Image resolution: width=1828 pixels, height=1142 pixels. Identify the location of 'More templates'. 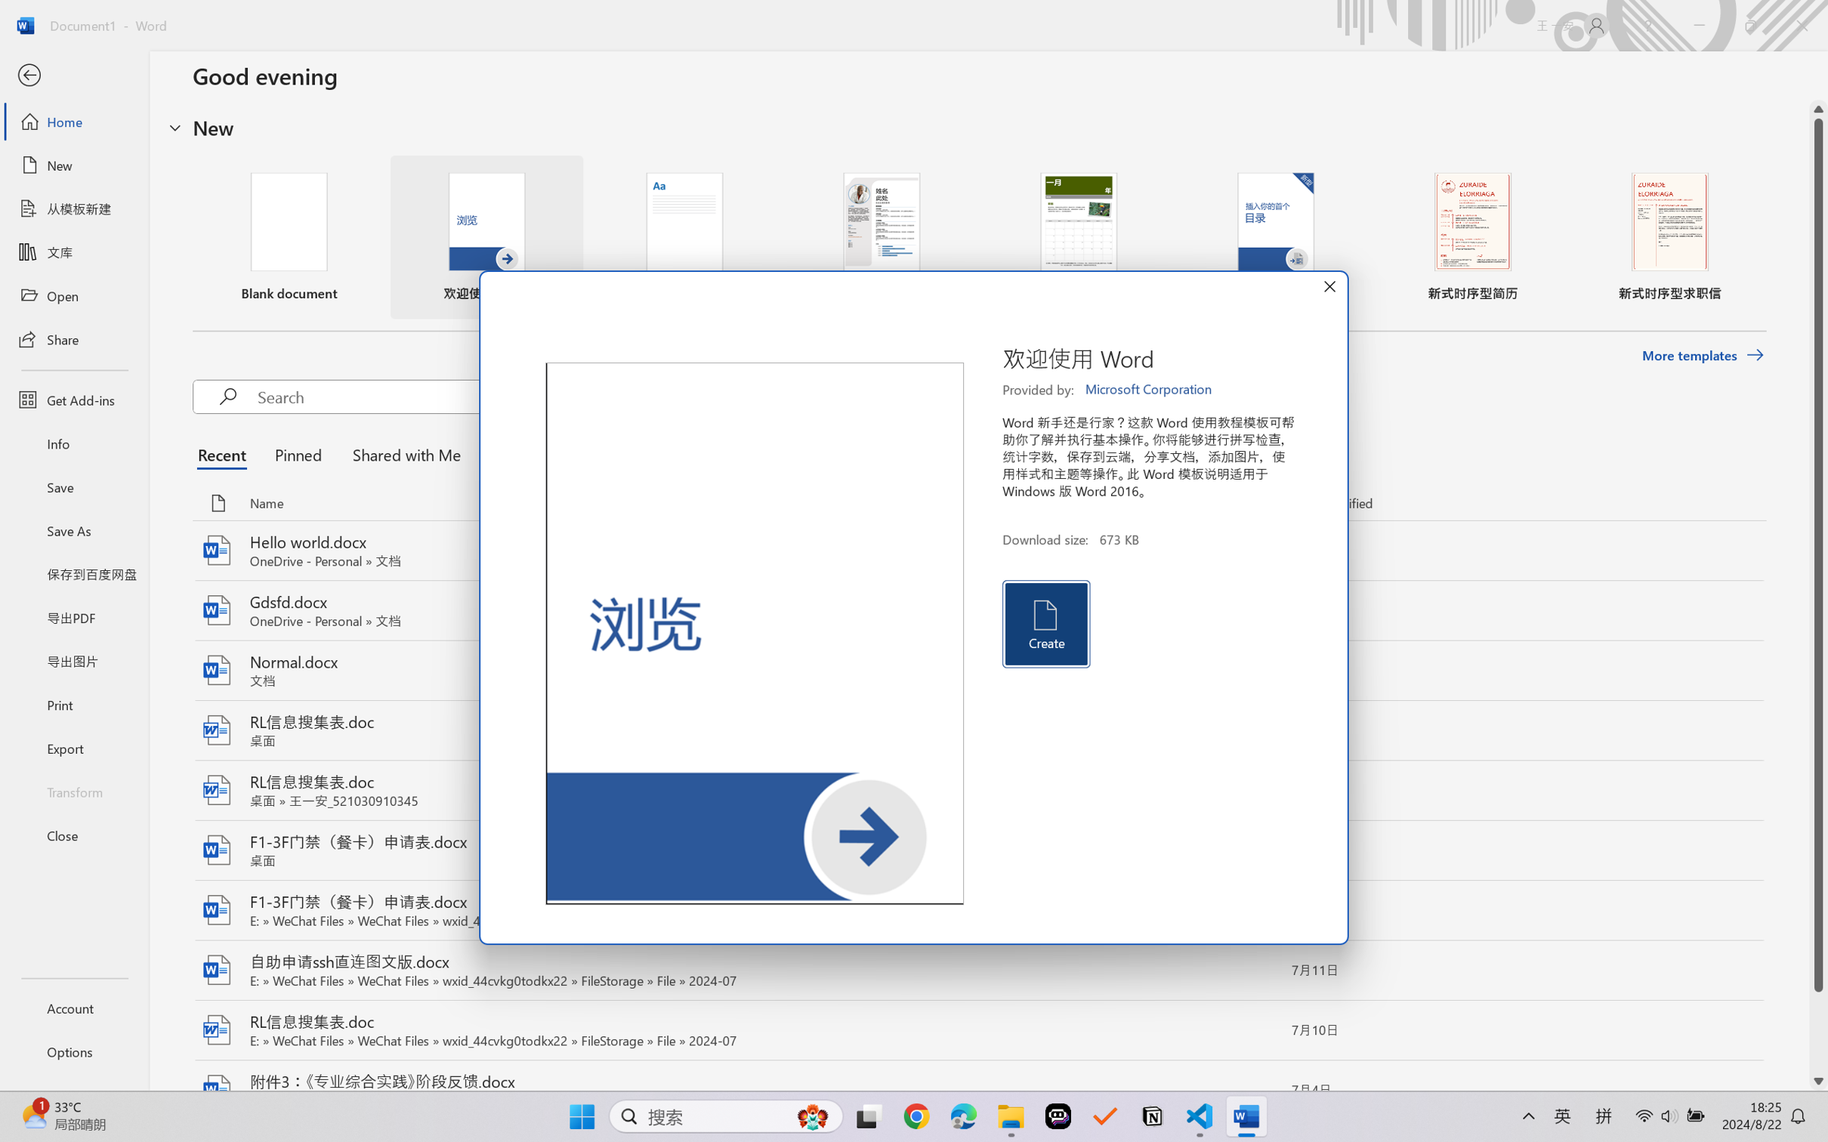
(1702, 356).